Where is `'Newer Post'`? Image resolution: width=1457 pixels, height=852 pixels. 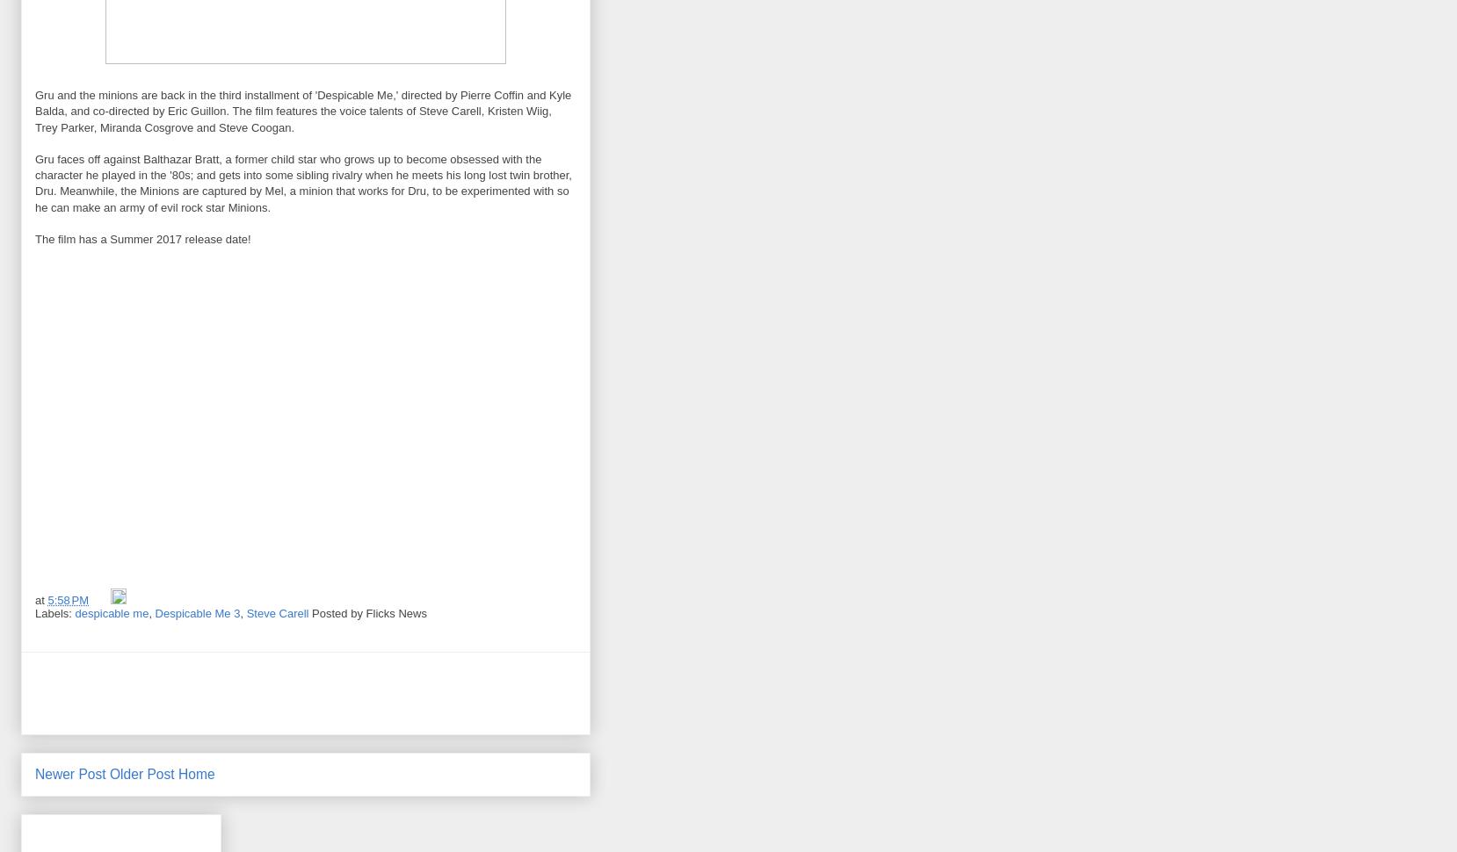 'Newer Post' is located at coordinates (33, 773).